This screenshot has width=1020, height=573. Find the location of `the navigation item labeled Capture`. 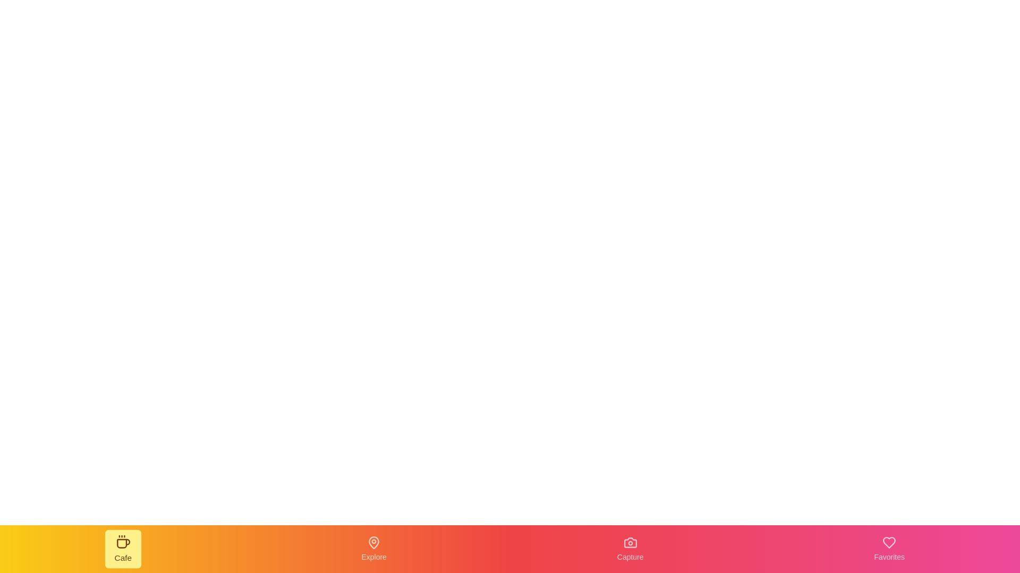

the navigation item labeled Capture is located at coordinates (630, 549).